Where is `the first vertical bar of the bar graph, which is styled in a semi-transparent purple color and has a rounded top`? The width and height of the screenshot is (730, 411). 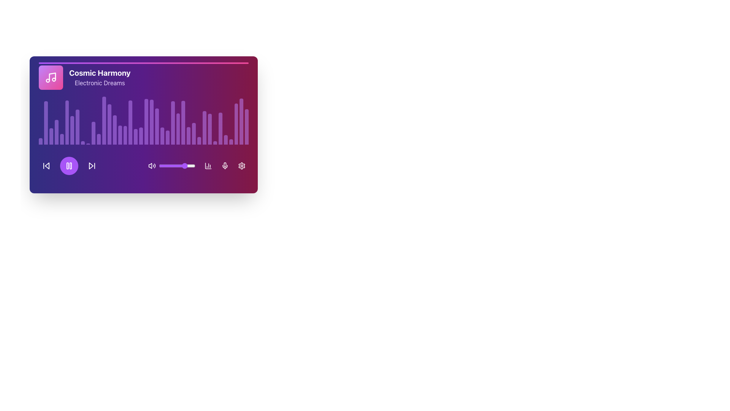
the first vertical bar of the bar graph, which is styled in a semi-transparent purple color and has a rounded top is located at coordinates (40, 141).